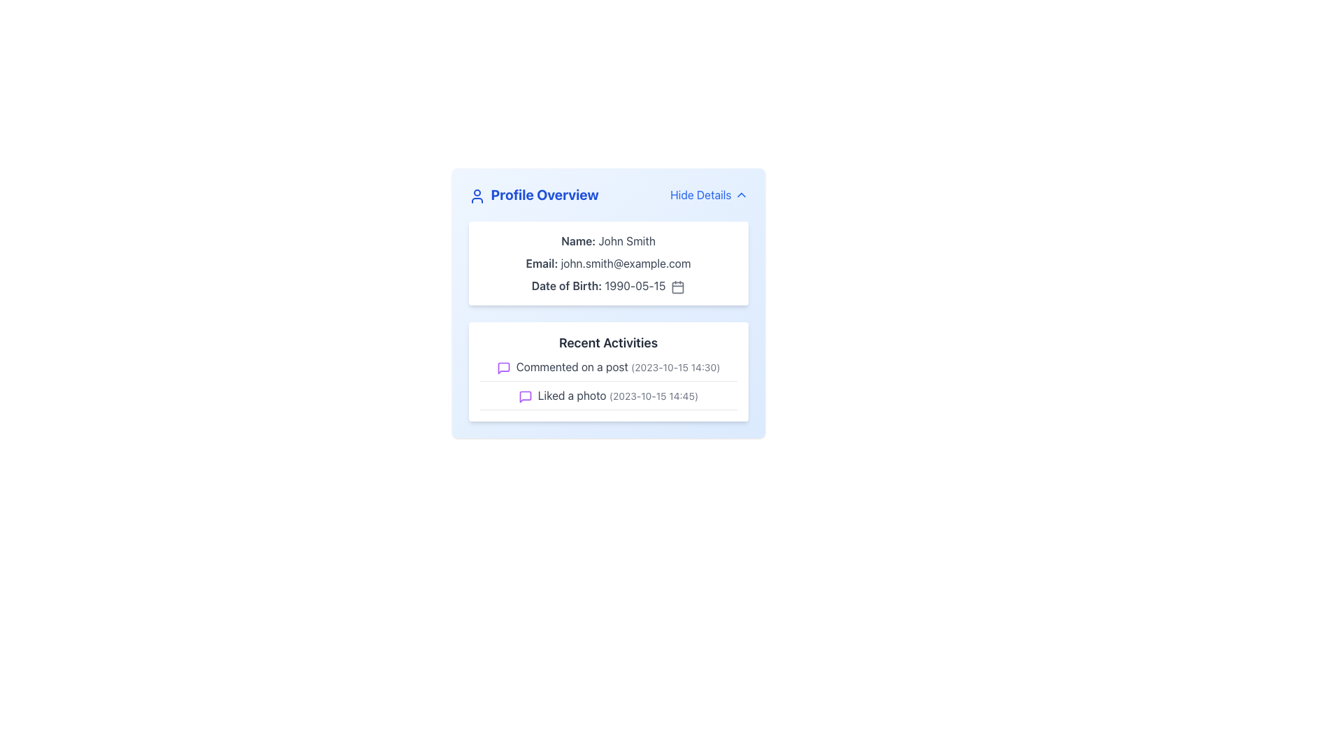 The image size is (1342, 755). I want to click on the chevron icon located to the right of the 'Hide Details' text, so click(740, 194).